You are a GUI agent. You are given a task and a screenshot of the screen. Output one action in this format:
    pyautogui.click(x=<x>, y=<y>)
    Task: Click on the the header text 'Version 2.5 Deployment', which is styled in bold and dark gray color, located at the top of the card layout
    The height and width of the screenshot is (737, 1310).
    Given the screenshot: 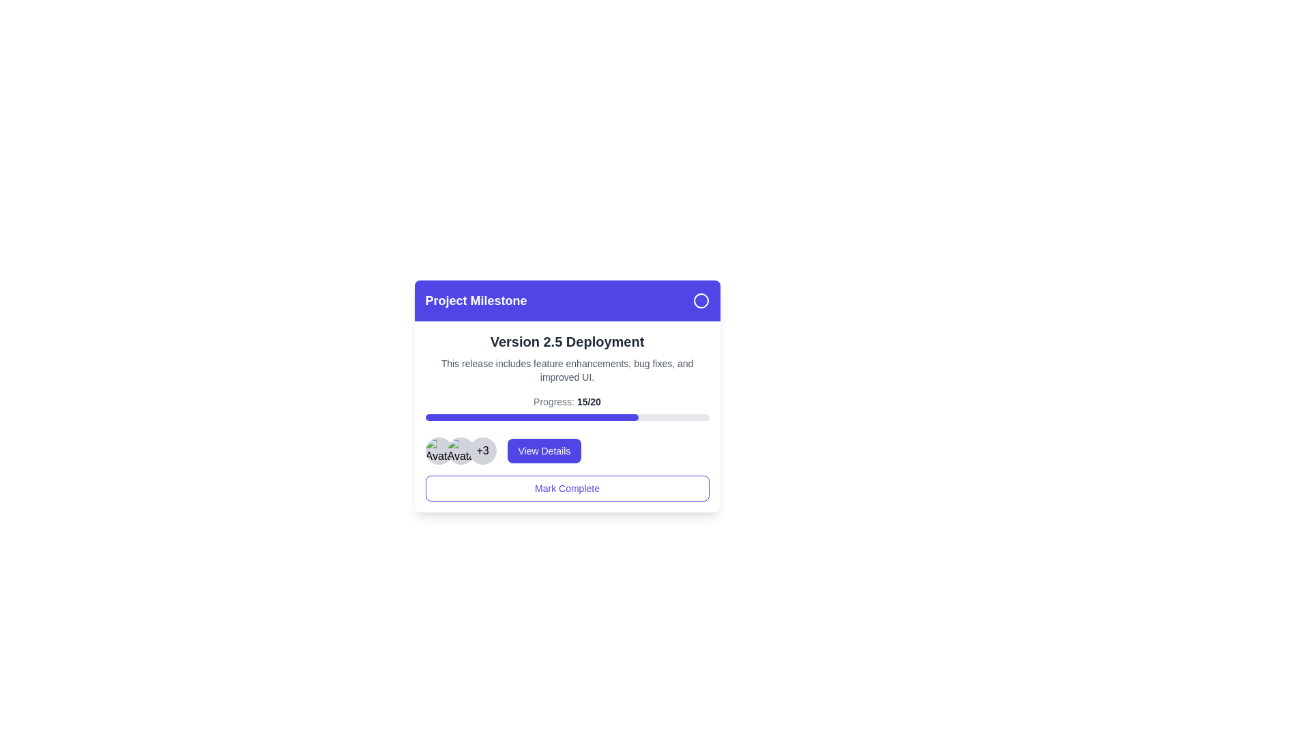 What is the action you would take?
    pyautogui.click(x=567, y=341)
    